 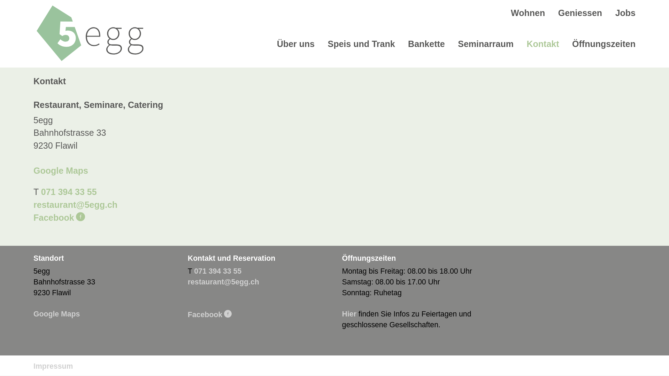 I want to click on 'Hier', so click(x=342, y=314).